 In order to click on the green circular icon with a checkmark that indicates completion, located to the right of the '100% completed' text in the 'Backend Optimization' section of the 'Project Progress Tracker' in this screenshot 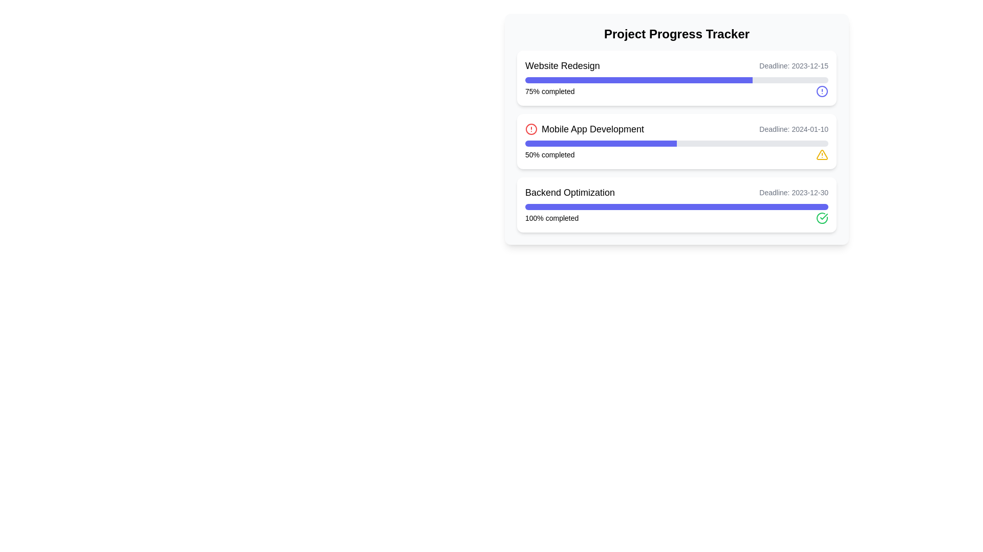, I will do `click(822, 218)`.